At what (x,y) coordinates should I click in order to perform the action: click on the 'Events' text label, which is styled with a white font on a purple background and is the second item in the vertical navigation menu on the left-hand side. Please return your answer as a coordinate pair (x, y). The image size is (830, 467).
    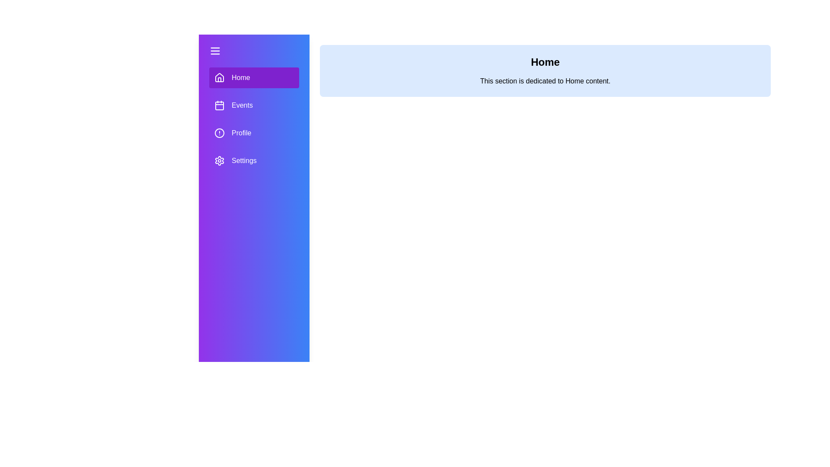
    Looking at the image, I should click on (242, 105).